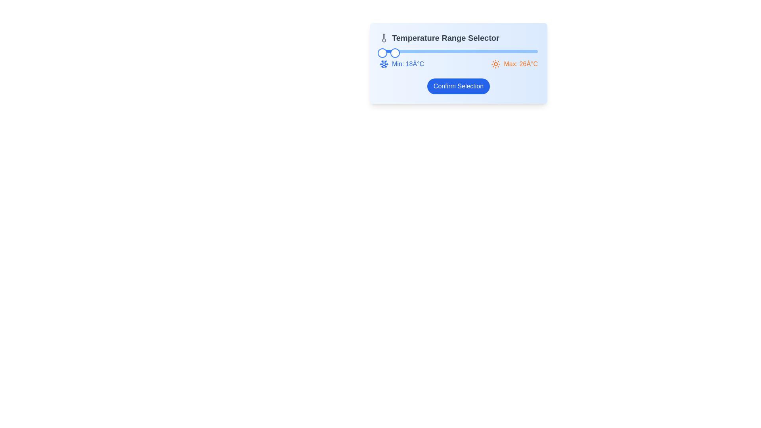 Image resolution: width=761 pixels, height=428 pixels. Describe the element at coordinates (390, 53) in the screenshot. I see `the slider thumb` at that location.